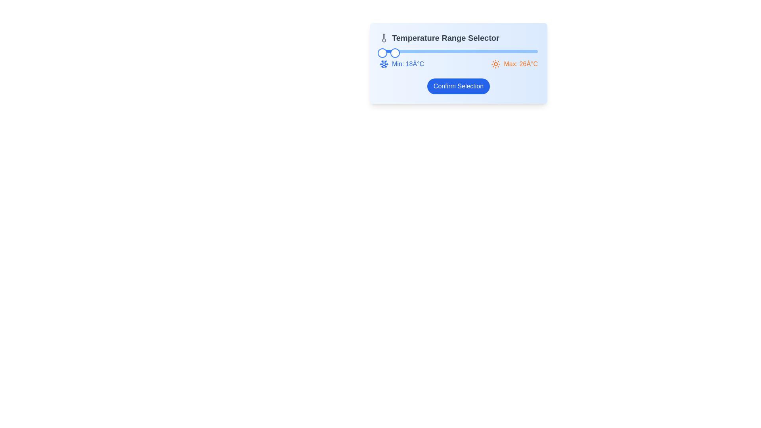 Image resolution: width=761 pixels, height=428 pixels. Describe the element at coordinates (390, 53) in the screenshot. I see `the slider thumb` at that location.